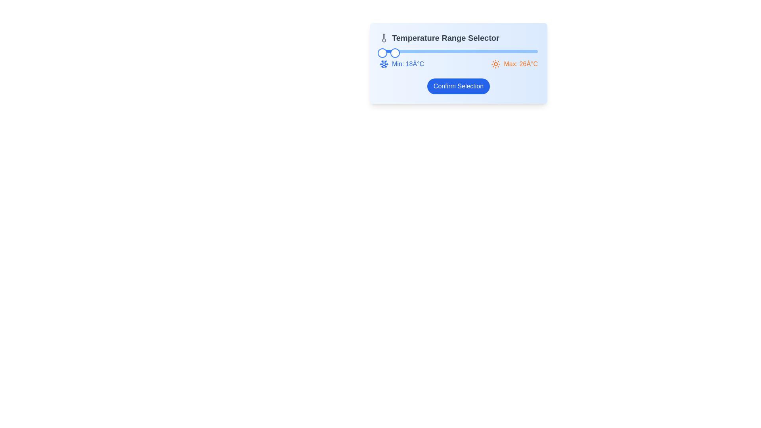 Image resolution: width=761 pixels, height=428 pixels. Describe the element at coordinates (390, 53) in the screenshot. I see `the slider thumb` at that location.